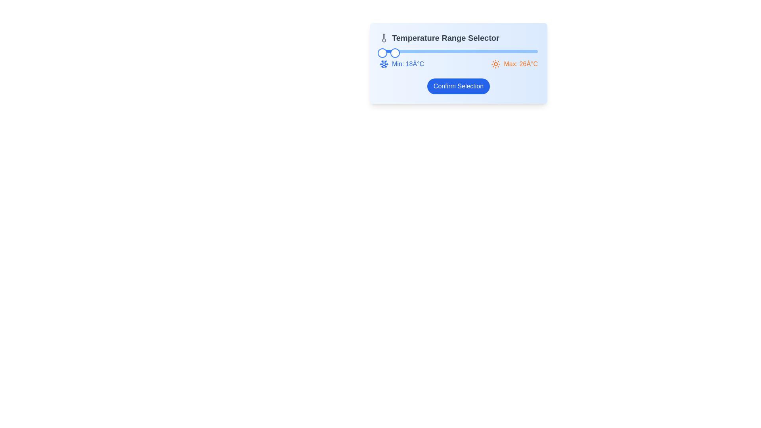 Image resolution: width=761 pixels, height=428 pixels. Describe the element at coordinates (390, 53) in the screenshot. I see `the slider thumb` at that location.